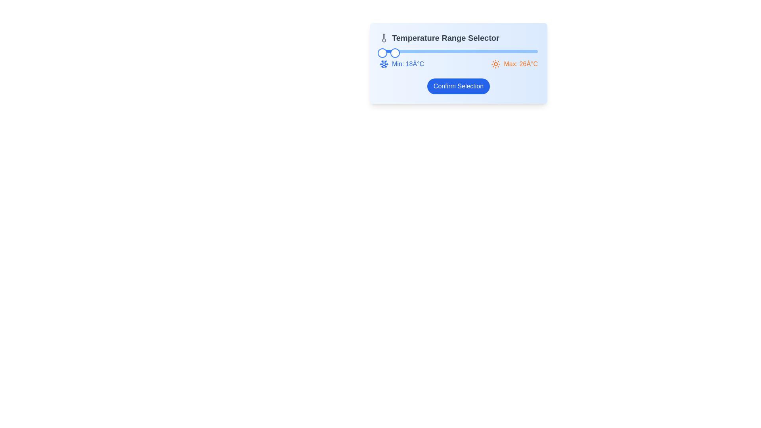 Image resolution: width=761 pixels, height=428 pixels. Describe the element at coordinates (390, 53) in the screenshot. I see `the slider thumb` at that location.